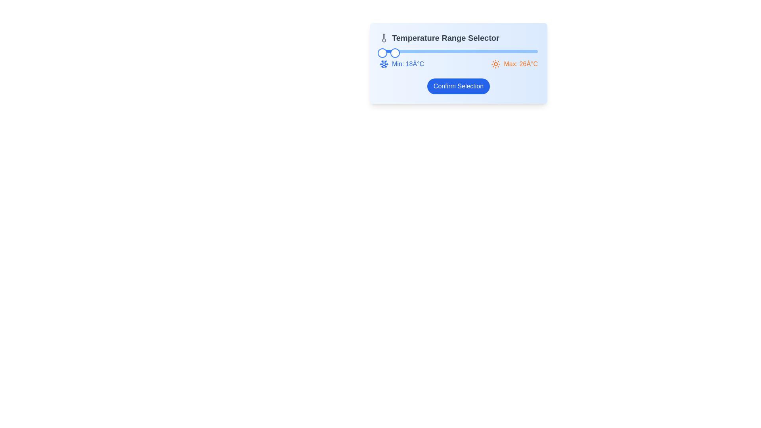 Image resolution: width=761 pixels, height=428 pixels. Describe the element at coordinates (390, 53) in the screenshot. I see `the slider thumb` at that location.